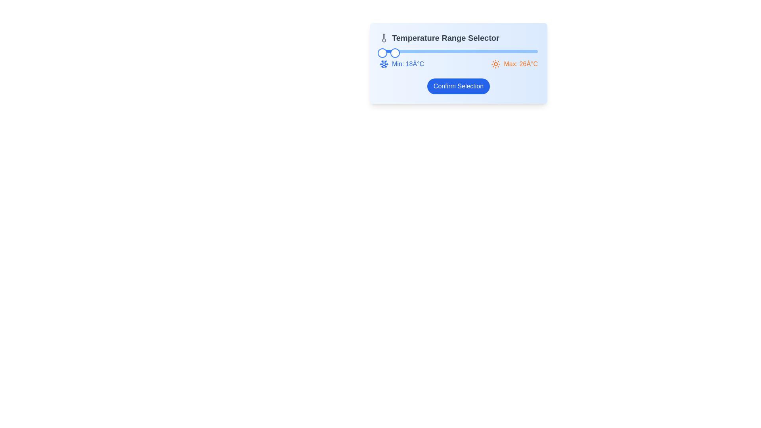 Image resolution: width=761 pixels, height=428 pixels. Describe the element at coordinates (390, 53) in the screenshot. I see `the slider thumb` at that location.